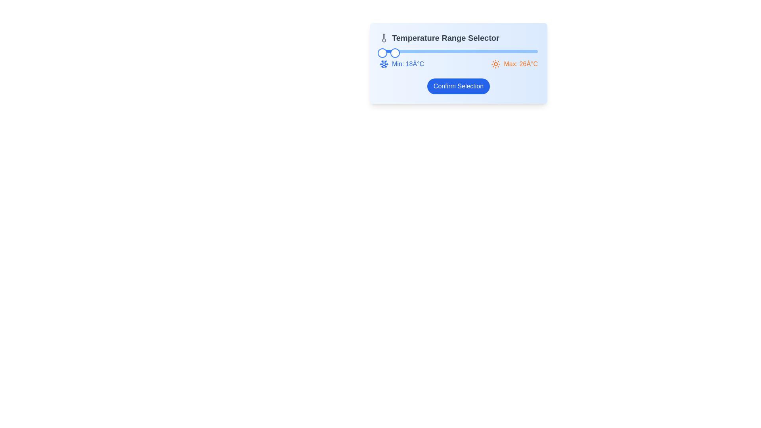 Image resolution: width=761 pixels, height=428 pixels. Describe the element at coordinates (390, 53) in the screenshot. I see `the slider thumb` at that location.